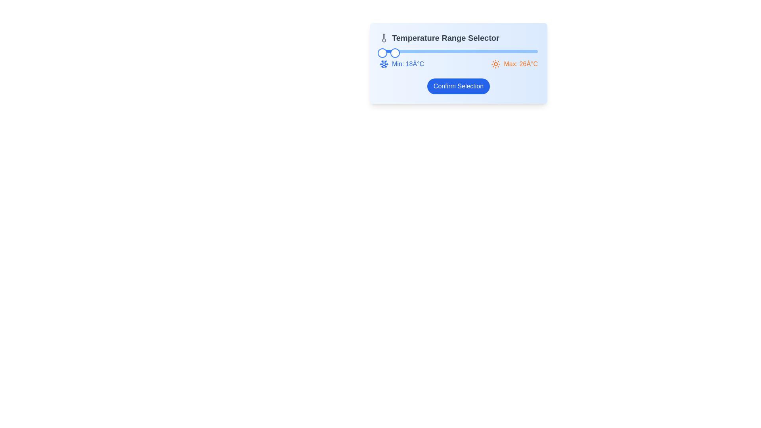 Image resolution: width=761 pixels, height=428 pixels. Describe the element at coordinates (390, 53) in the screenshot. I see `the slider thumb` at that location.